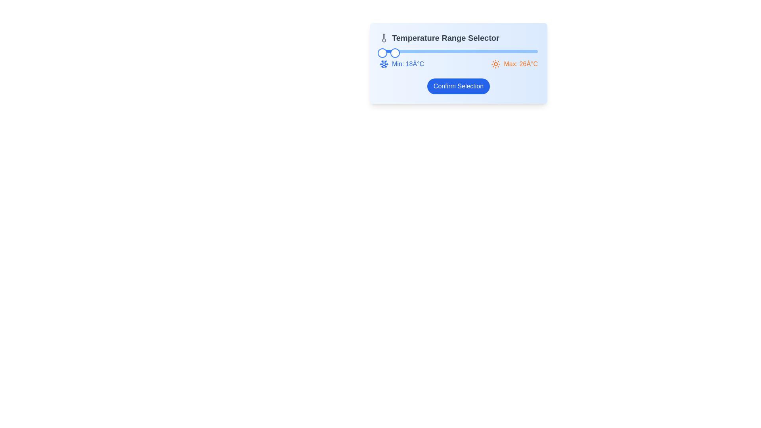 Image resolution: width=761 pixels, height=428 pixels. Describe the element at coordinates (390, 53) in the screenshot. I see `the slider thumb` at that location.